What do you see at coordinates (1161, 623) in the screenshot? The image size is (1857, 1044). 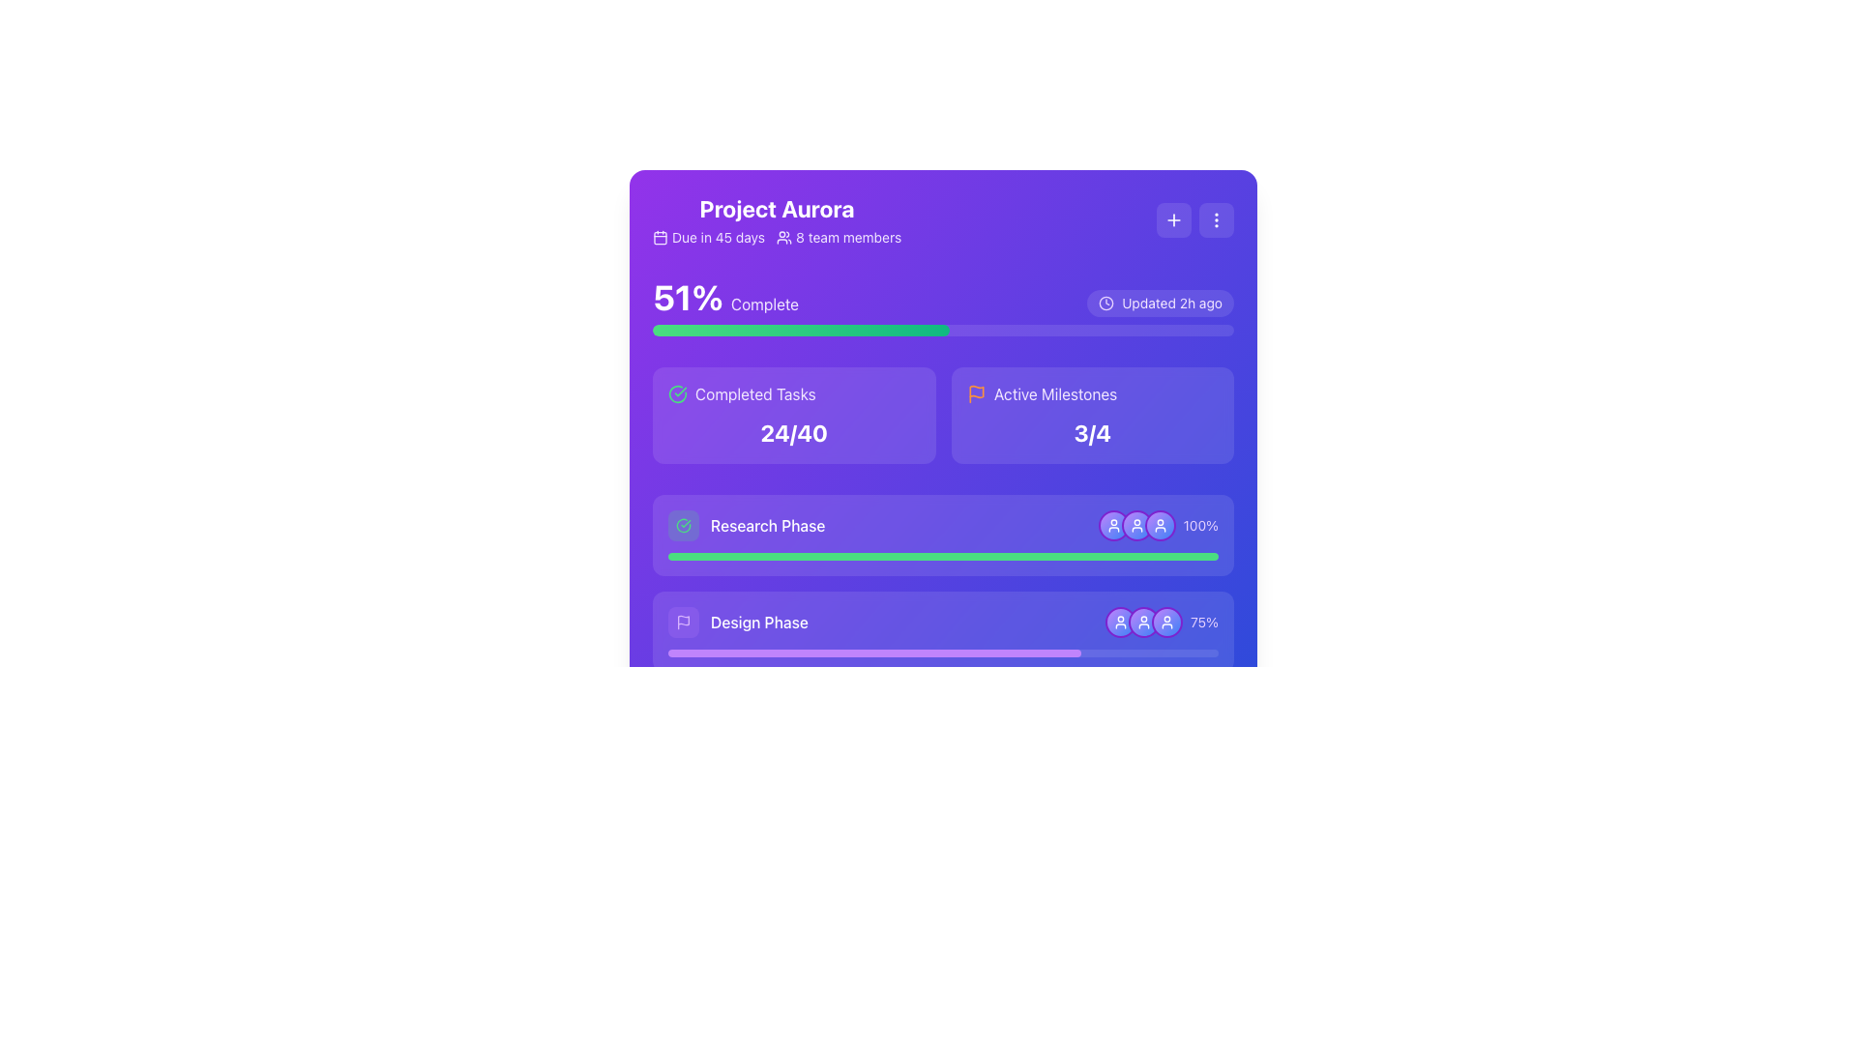 I see `the text label displaying '75%' which is light purple and located to the right of three circular user avatar icons in the bottom-right corner of the 'Design Phase' area` at bounding box center [1161, 623].